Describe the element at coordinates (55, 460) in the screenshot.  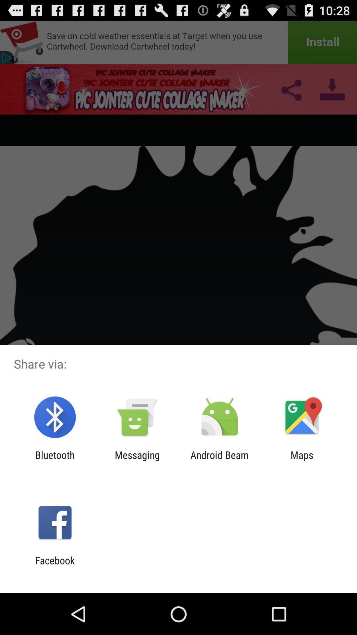
I see `app next to messaging` at that location.